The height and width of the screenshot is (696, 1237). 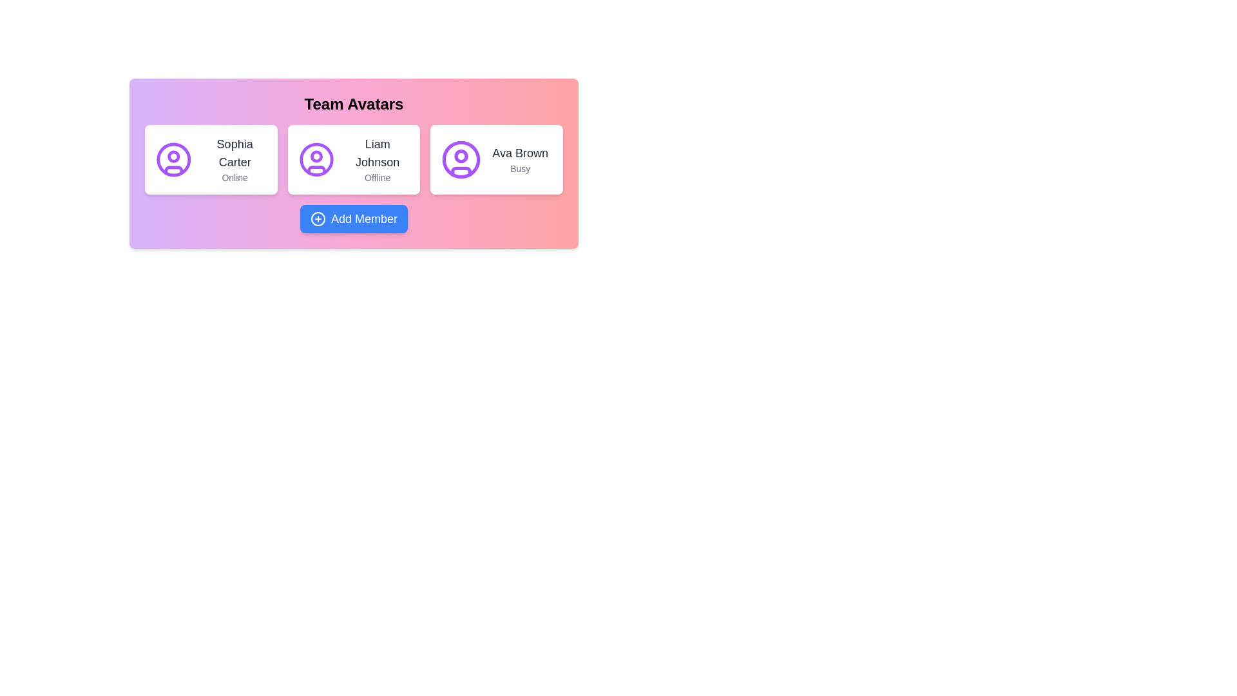 What do you see at coordinates (520, 153) in the screenshot?
I see `the text label that reads 'Ava Brown', which is styled with a bold font and larger size, located at the top-right corner of a user profile card` at bounding box center [520, 153].